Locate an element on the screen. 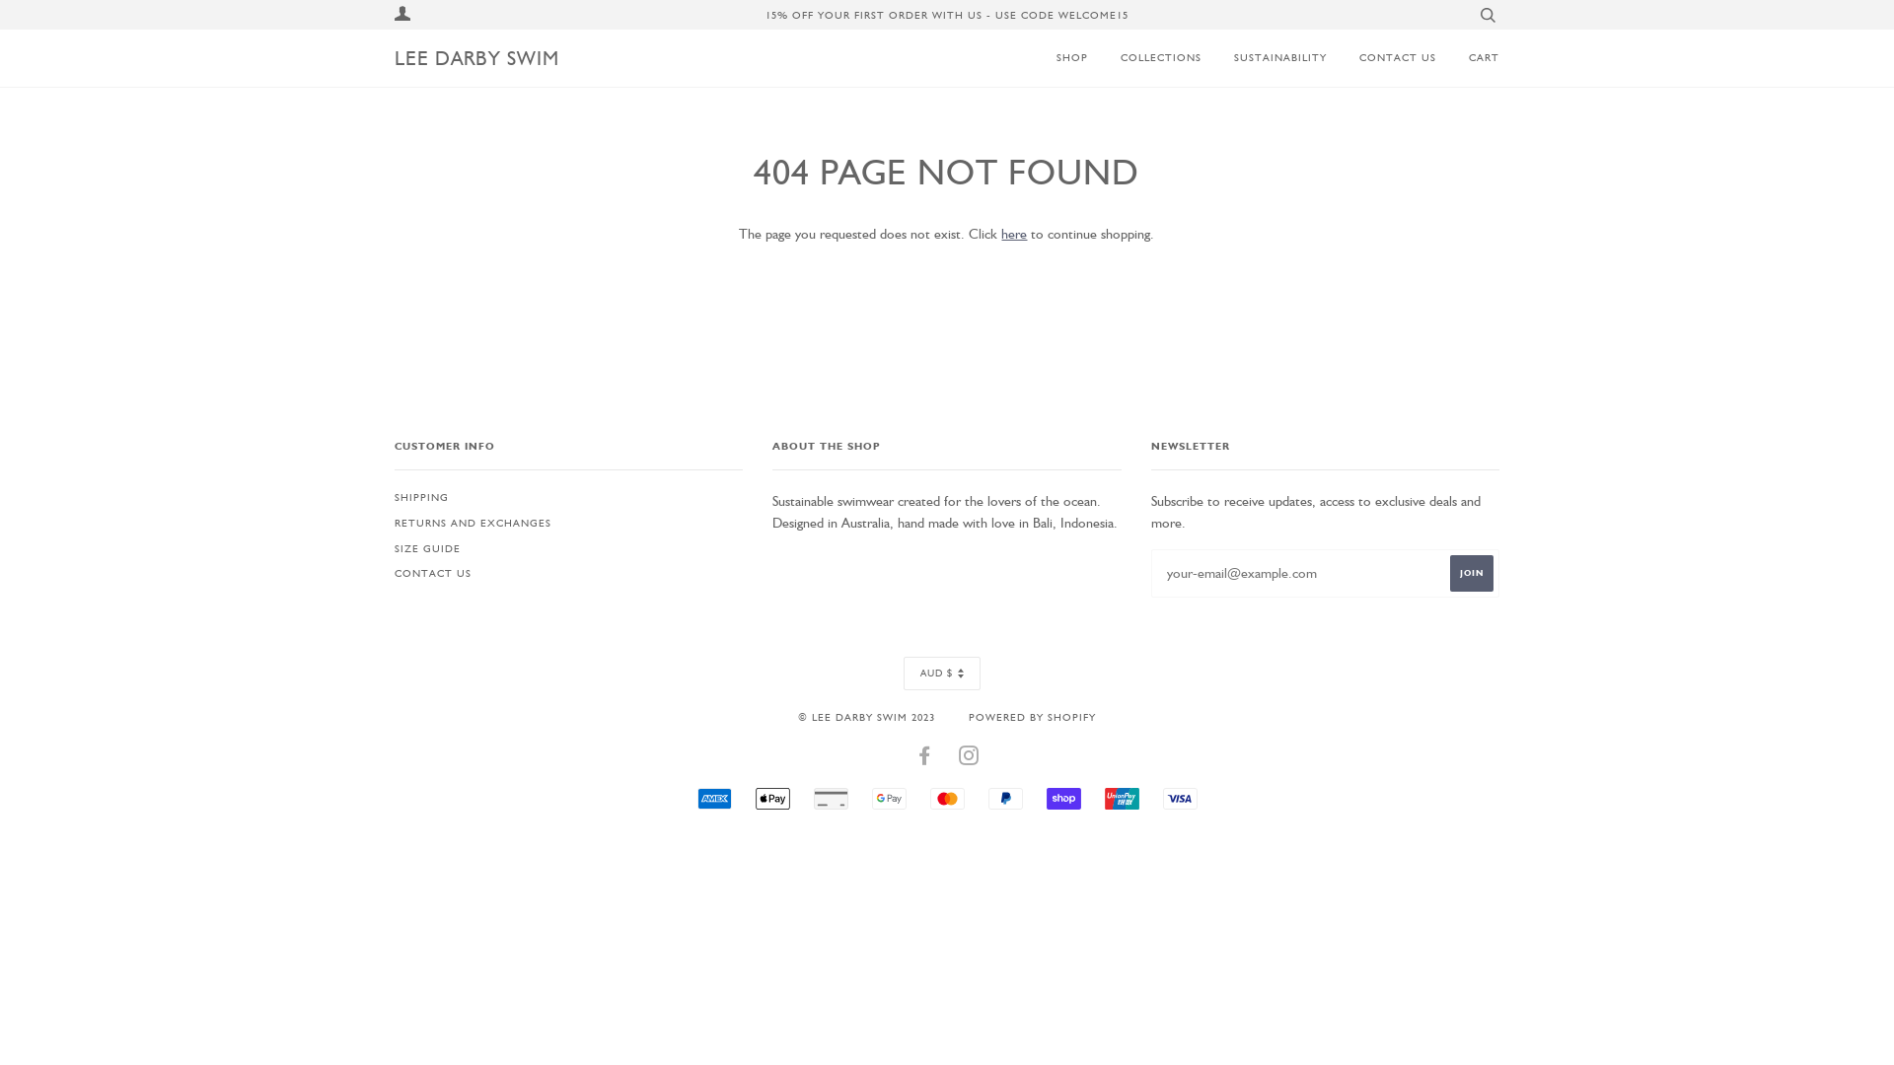 The height and width of the screenshot is (1065, 1894). 'CART' is located at coordinates (1469, 56).